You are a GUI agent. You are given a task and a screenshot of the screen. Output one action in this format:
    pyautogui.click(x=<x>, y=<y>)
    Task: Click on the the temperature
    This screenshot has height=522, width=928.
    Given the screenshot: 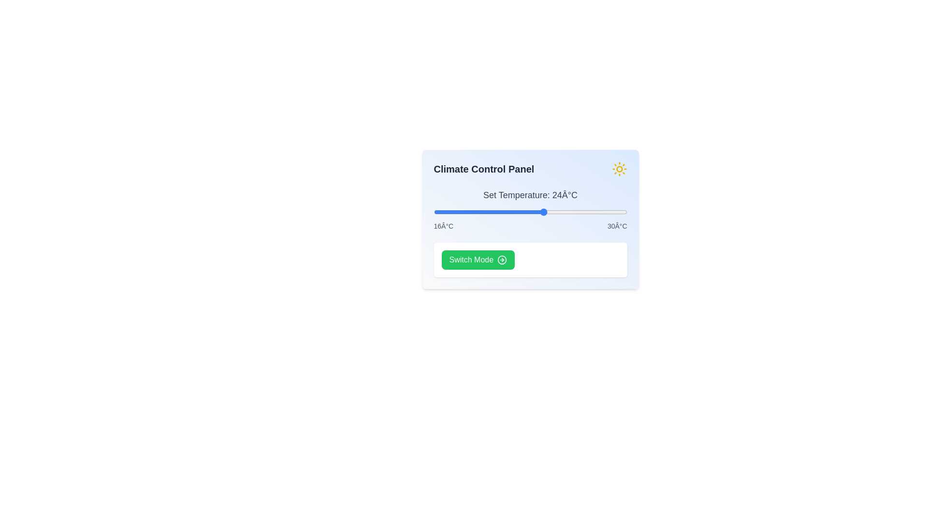 What is the action you would take?
    pyautogui.click(x=461, y=212)
    